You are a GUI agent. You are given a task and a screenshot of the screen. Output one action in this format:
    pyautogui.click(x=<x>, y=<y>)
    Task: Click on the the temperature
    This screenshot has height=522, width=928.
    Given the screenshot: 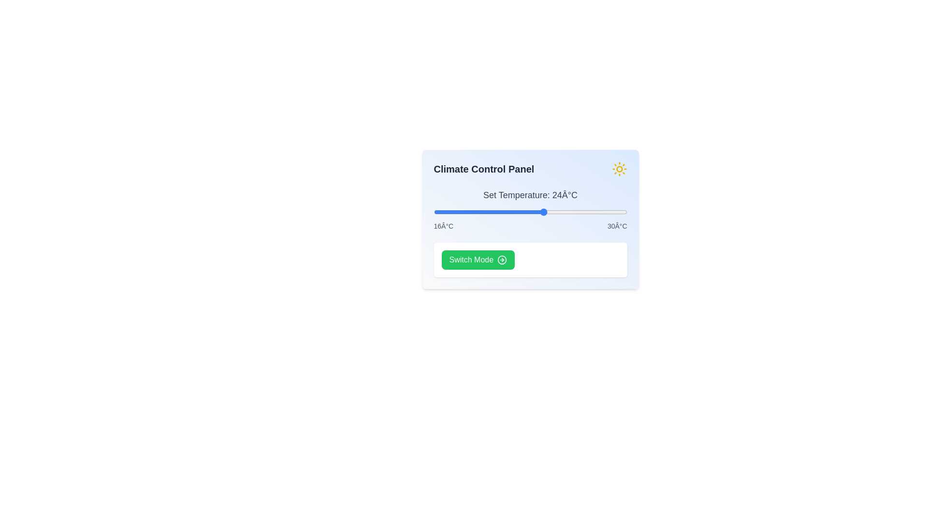 What is the action you would take?
    pyautogui.click(x=461, y=212)
    